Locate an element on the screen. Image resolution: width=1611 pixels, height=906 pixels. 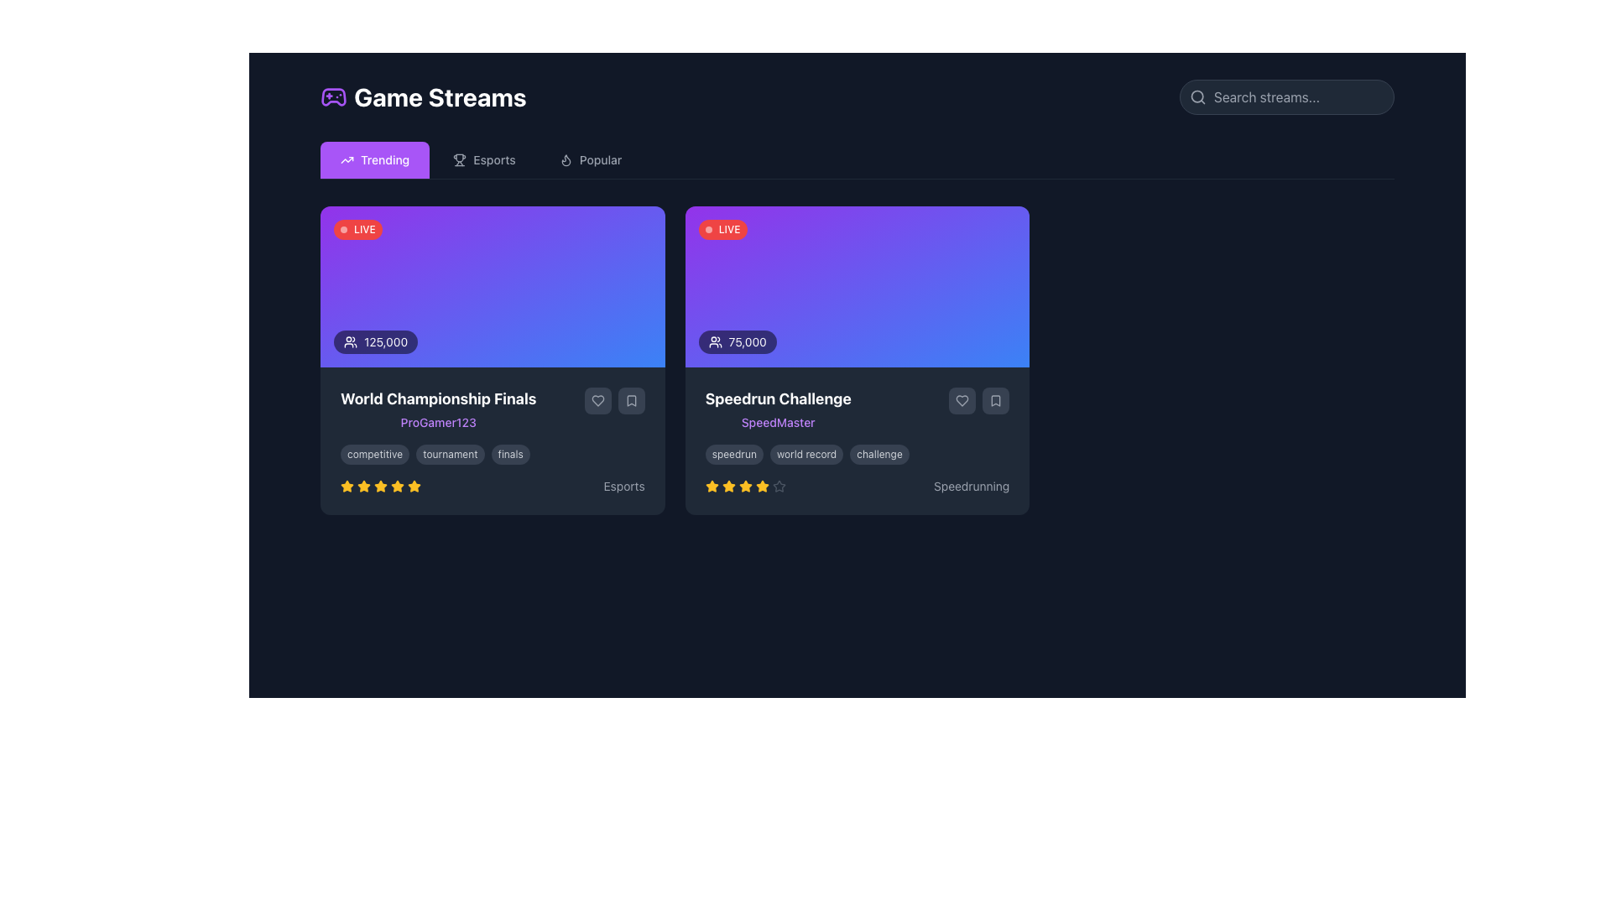
the text label 'ProGamer123' styled in purple and located below 'World Championship Finals' is located at coordinates (438, 422).